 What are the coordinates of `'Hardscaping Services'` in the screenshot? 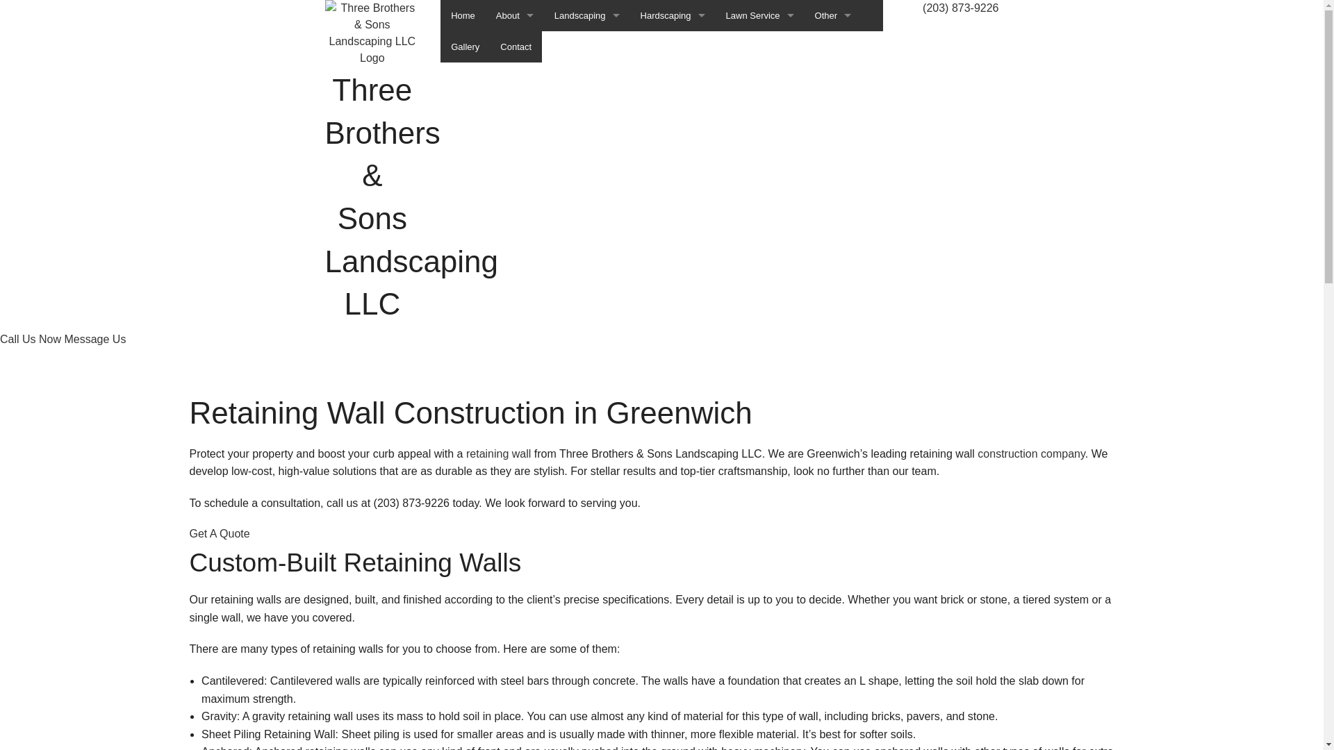 It's located at (673, 46).